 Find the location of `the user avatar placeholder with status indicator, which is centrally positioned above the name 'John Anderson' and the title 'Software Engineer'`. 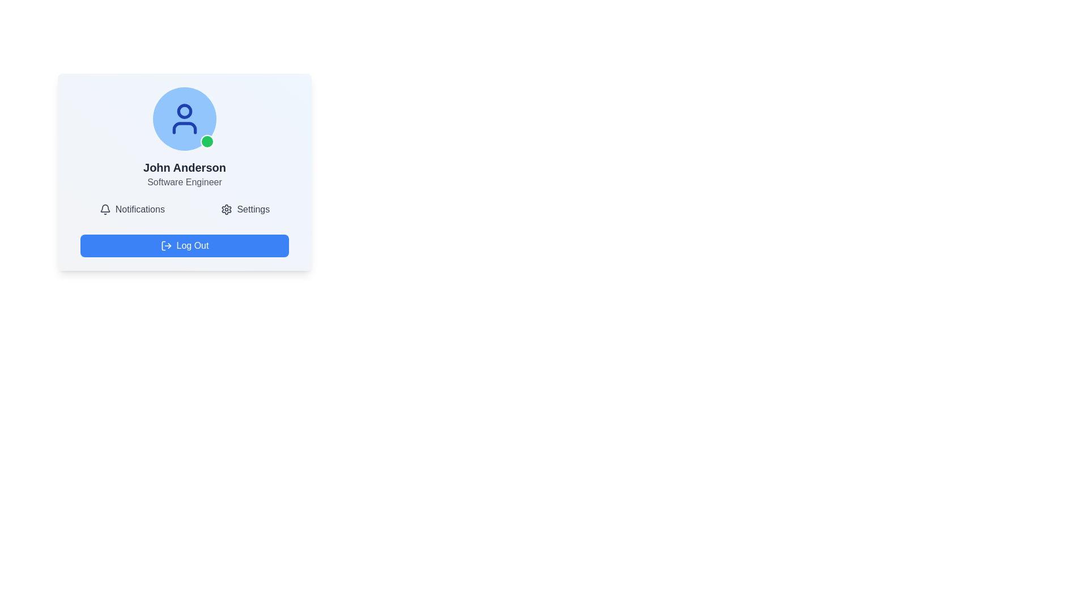

the user avatar placeholder with status indicator, which is centrally positioned above the name 'John Anderson' and the title 'Software Engineer' is located at coordinates (185, 118).